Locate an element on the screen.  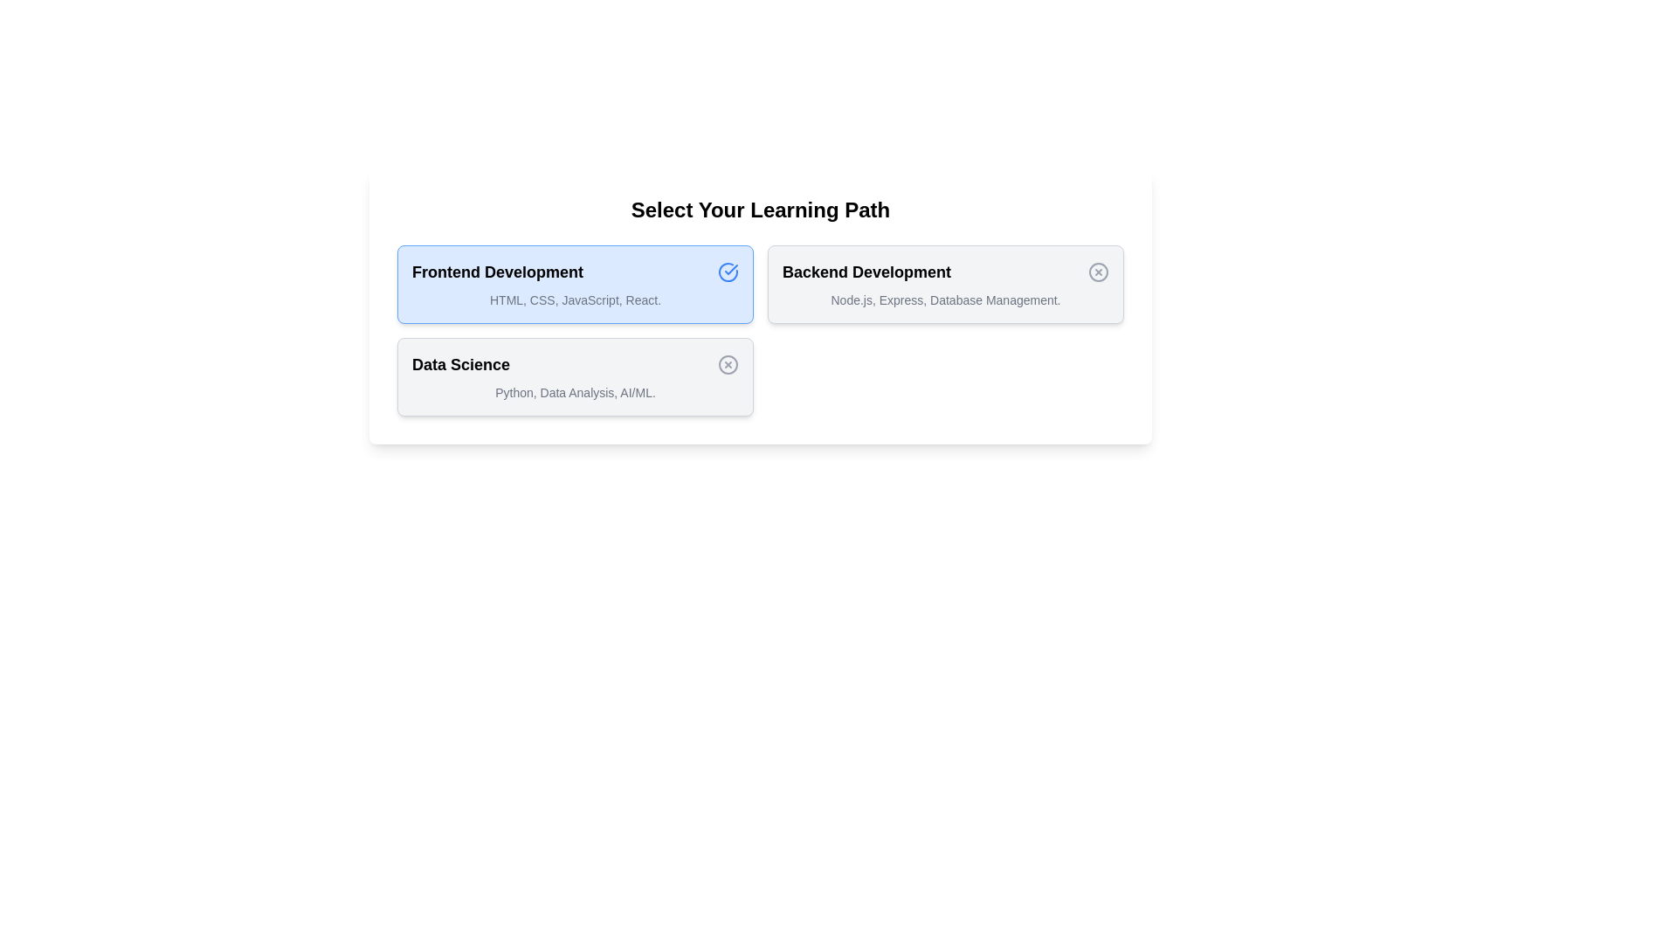
the learning path card corresponding to Backend Development is located at coordinates (945, 284).